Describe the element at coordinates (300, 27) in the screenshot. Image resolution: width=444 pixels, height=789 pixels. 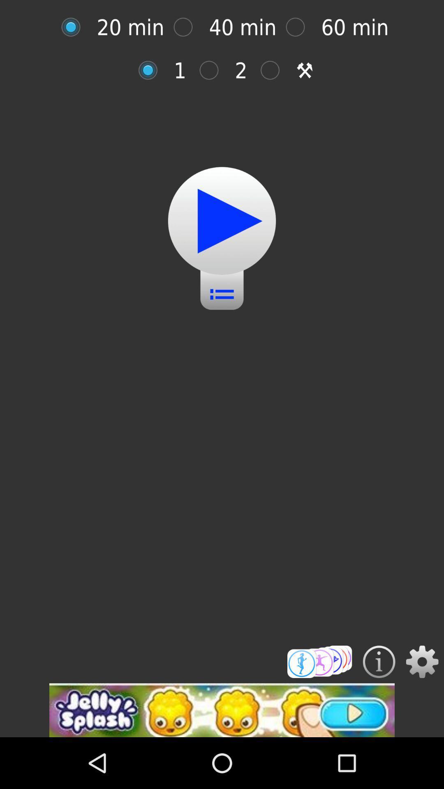
I see `60 minute workout` at that location.